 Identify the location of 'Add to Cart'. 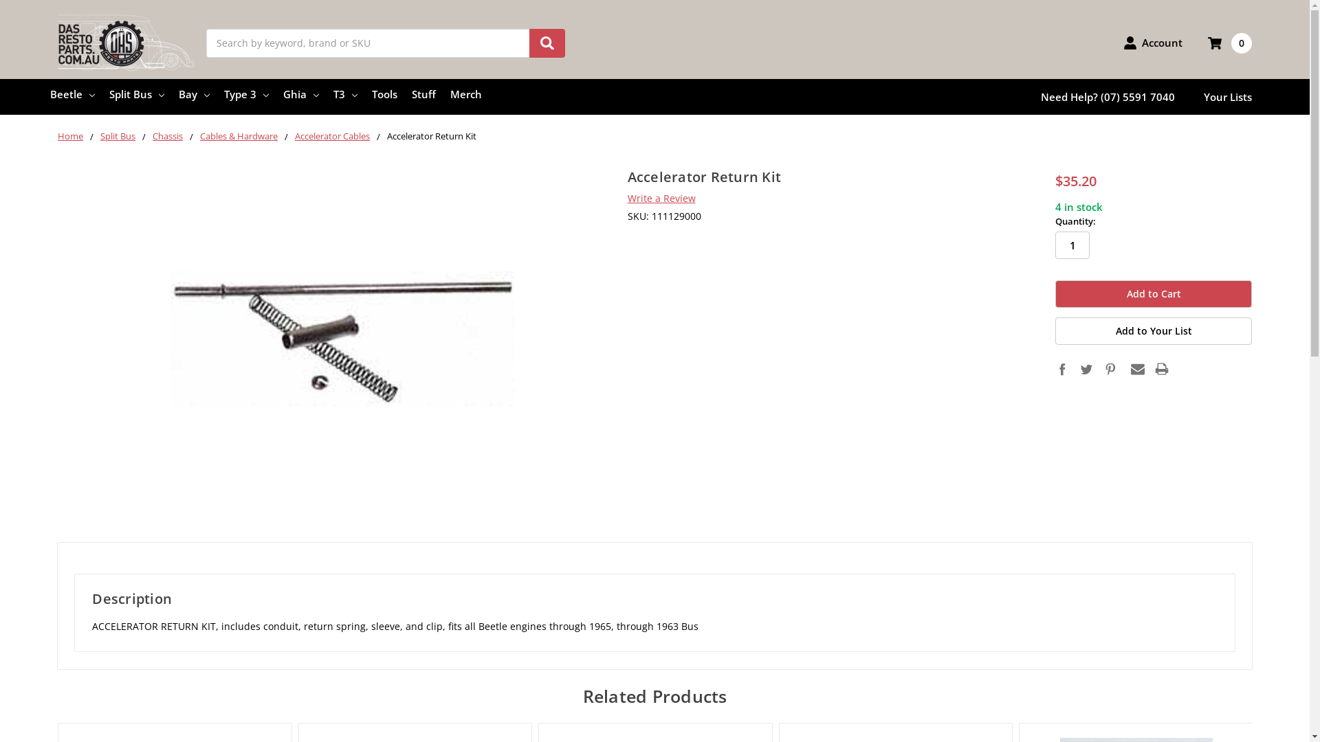
(1154, 293).